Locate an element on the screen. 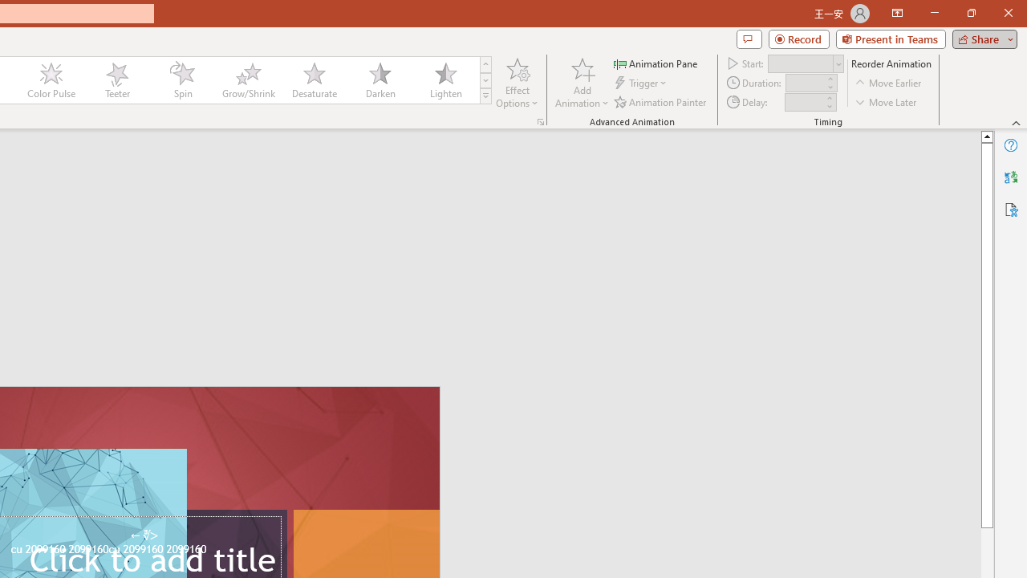 Image resolution: width=1027 pixels, height=578 pixels. 'Grow/Shrink' is located at coordinates (247, 80).